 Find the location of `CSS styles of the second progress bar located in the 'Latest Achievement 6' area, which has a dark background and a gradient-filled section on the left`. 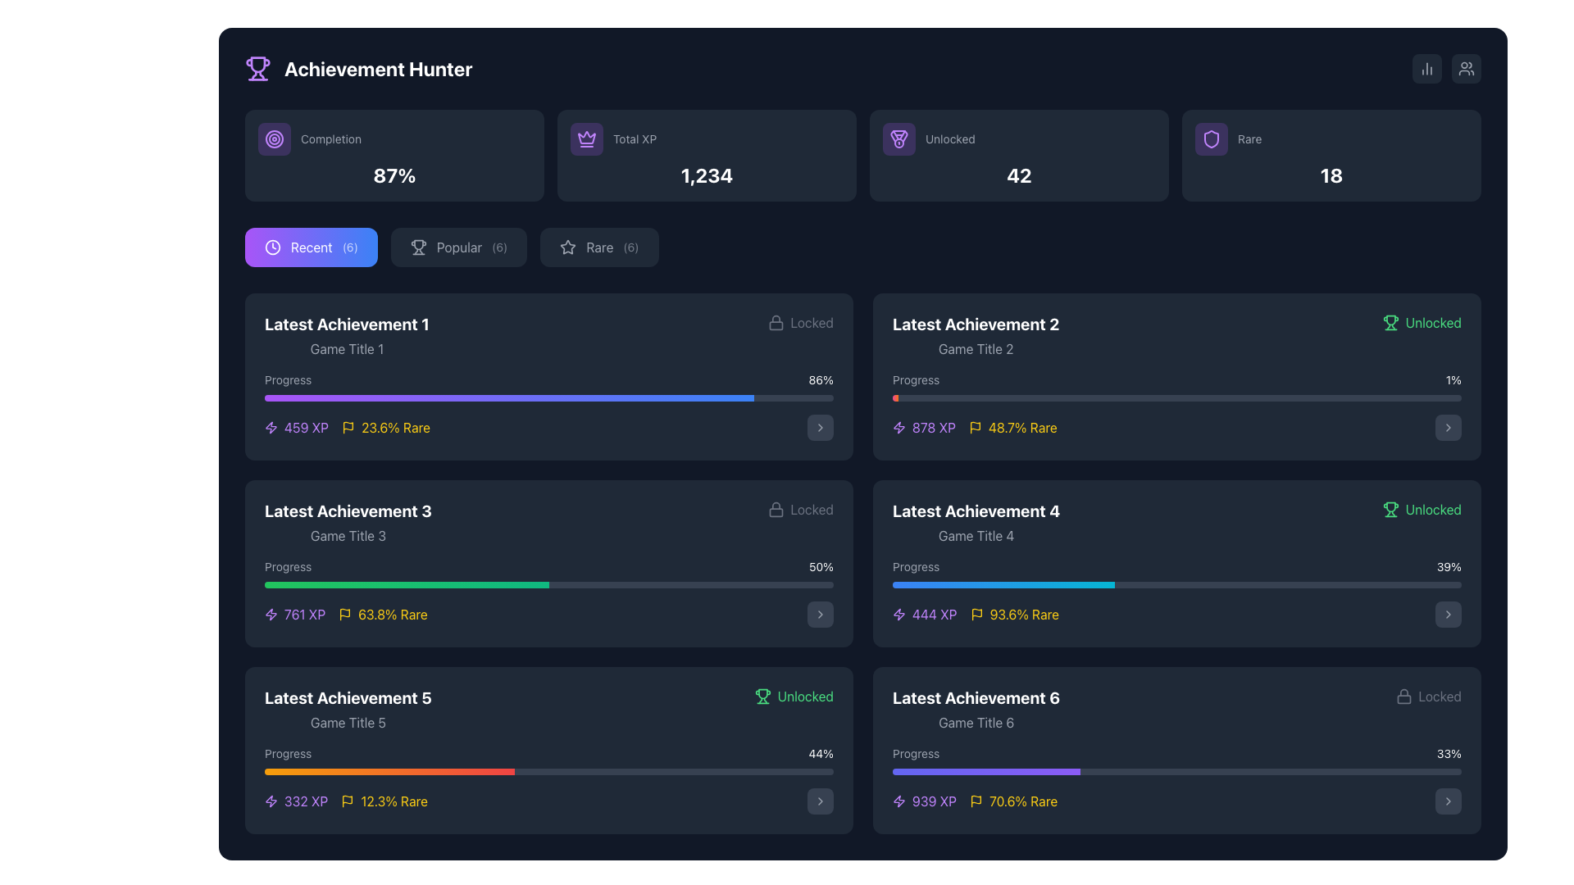

CSS styles of the second progress bar located in the 'Latest Achievement 6' area, which has a dark background and a gradient-filled section on the left is located at coordinates (1176, 771).